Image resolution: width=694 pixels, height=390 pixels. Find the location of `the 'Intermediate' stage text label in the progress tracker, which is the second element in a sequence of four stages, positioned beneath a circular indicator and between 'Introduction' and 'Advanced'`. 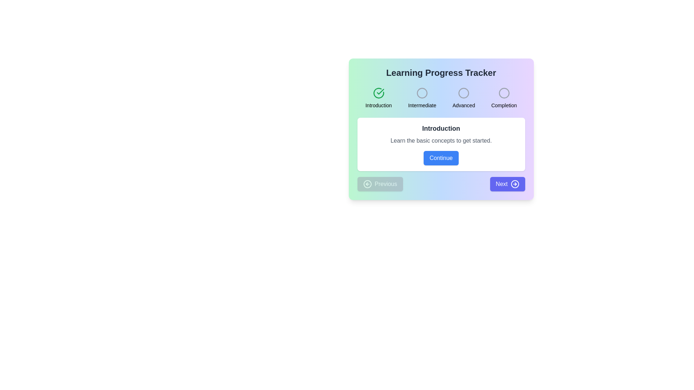

the 'Intermediate' stage text label in the progress tracker, which is the second element in a sequence of four stages, positioned beneath a circular indicator and between 'Introduction' and 'Advanced' is located at coordinates (422, 105).